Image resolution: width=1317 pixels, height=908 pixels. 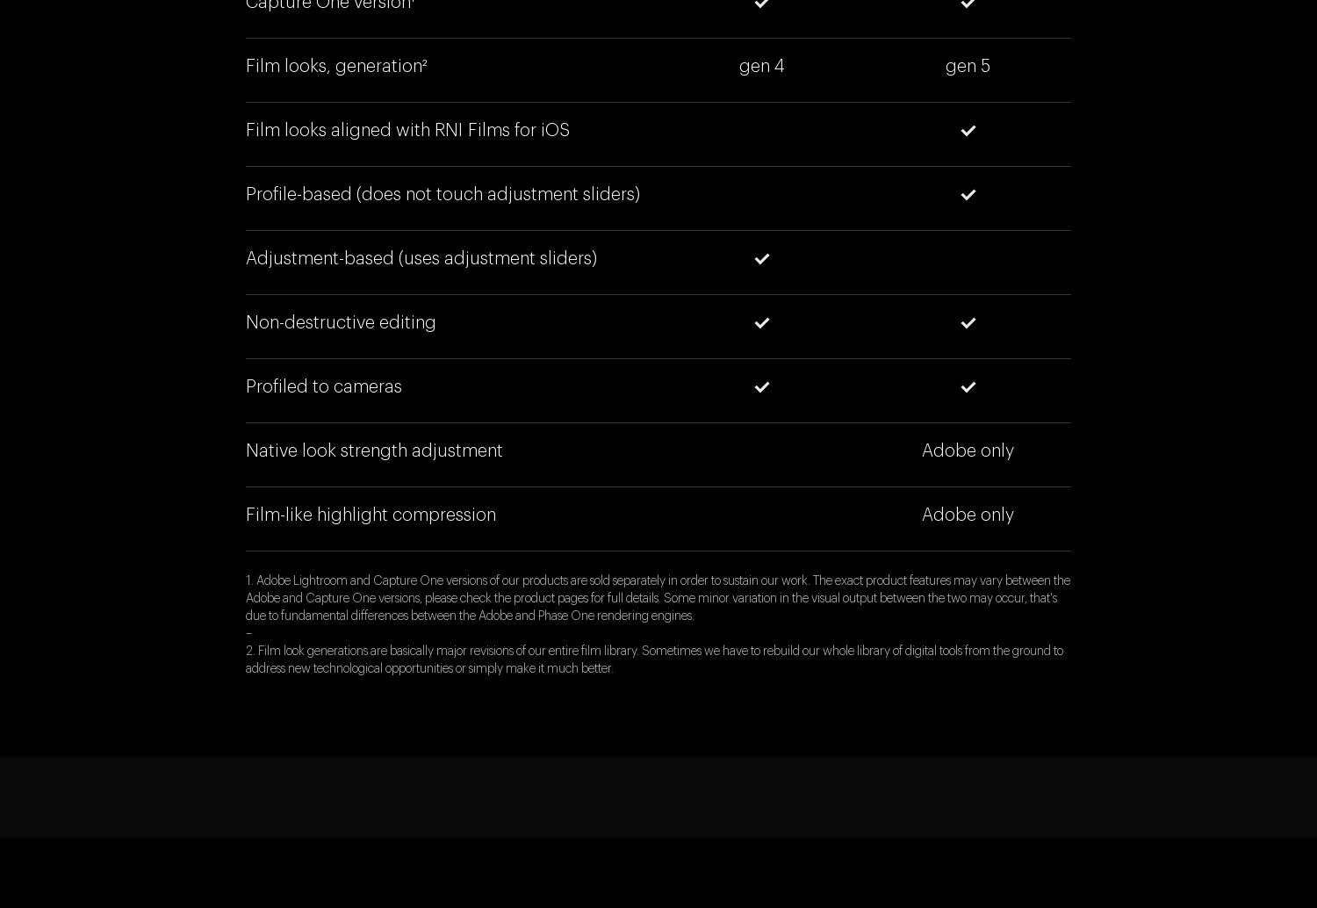 I want to click on 'Film looks, generation²', so click(x=336, y=66).